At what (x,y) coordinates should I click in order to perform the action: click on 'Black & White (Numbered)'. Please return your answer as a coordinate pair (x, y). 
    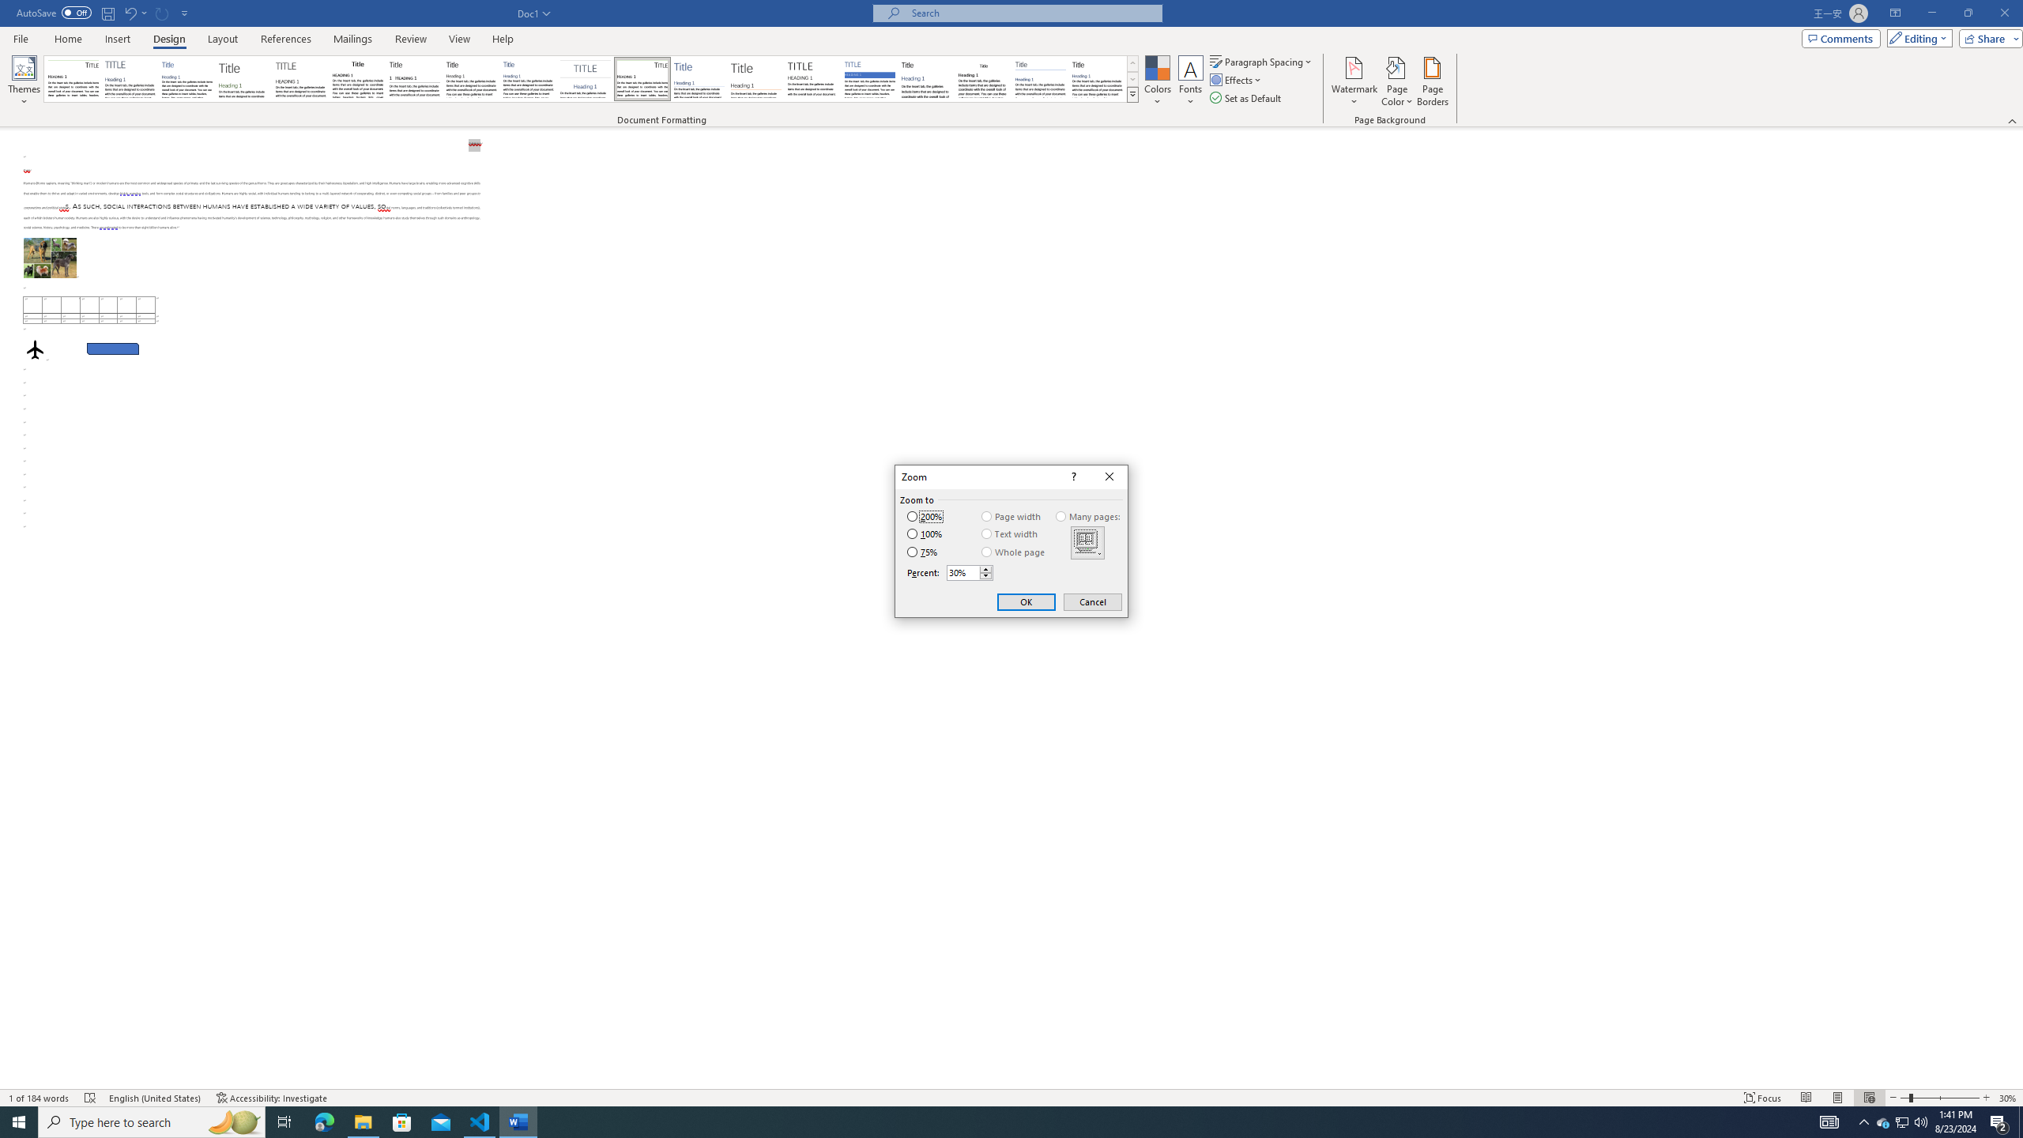
    Looking at the image, I should click on (413, 78).